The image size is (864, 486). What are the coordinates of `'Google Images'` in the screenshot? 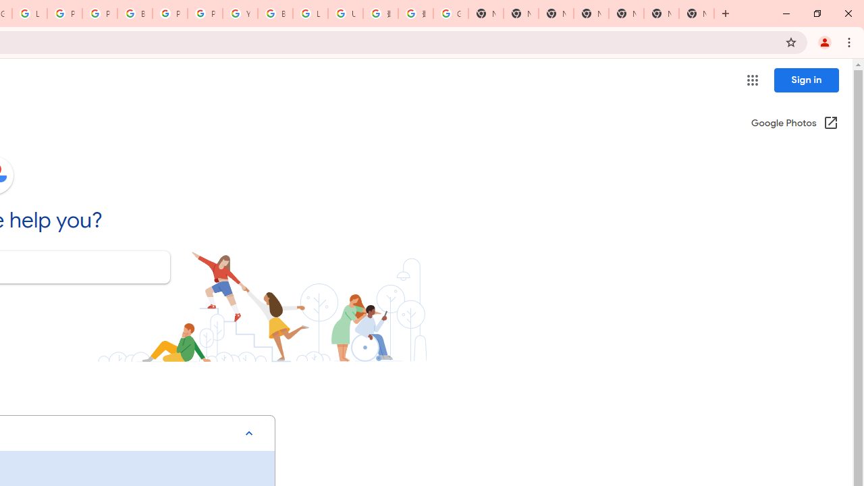 It's located at (451, 13).